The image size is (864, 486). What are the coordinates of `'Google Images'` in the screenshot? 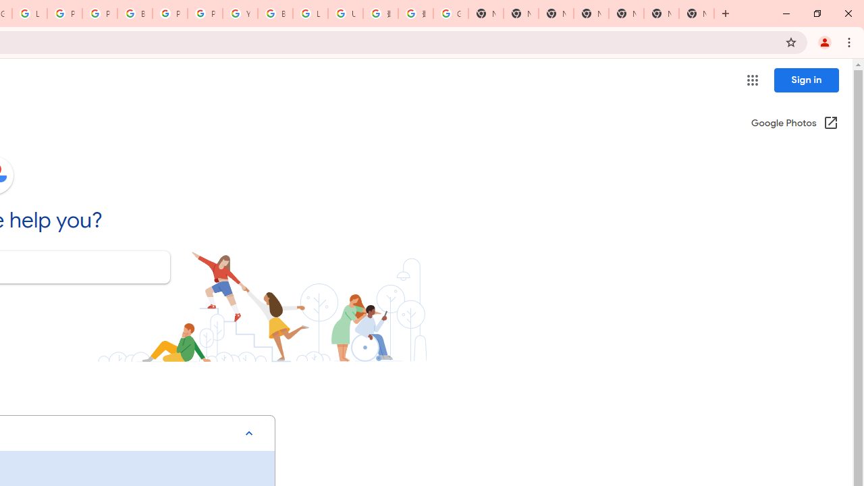 It's located at (451, 13).